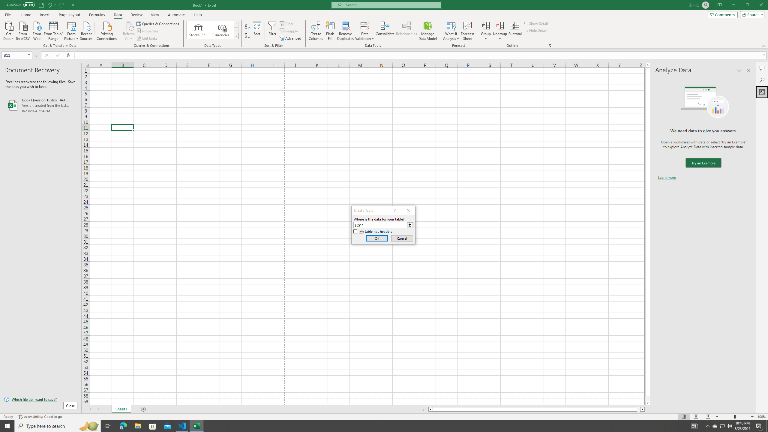 The image size is (768, 432). Describe the element at coordinates (748, 70) in the screenshot. I see `'Close pane'` at that location.